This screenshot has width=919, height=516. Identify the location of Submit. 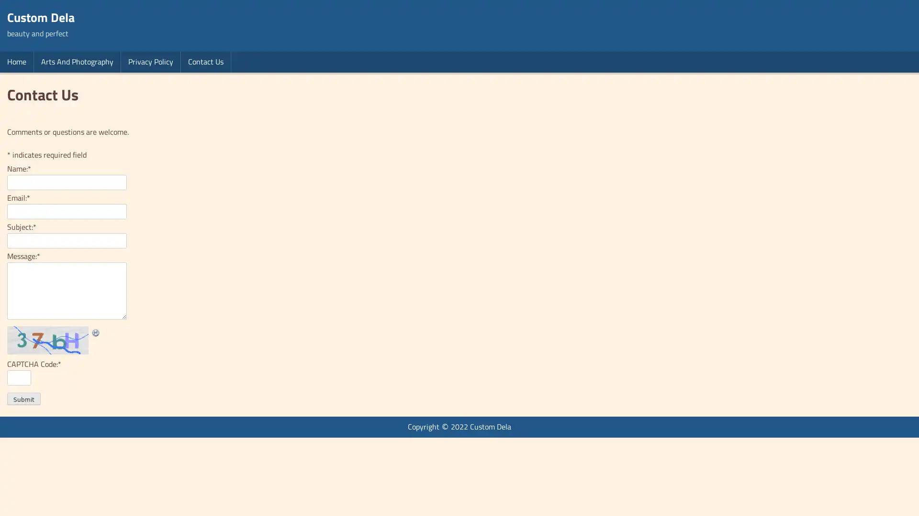
(23, 398).